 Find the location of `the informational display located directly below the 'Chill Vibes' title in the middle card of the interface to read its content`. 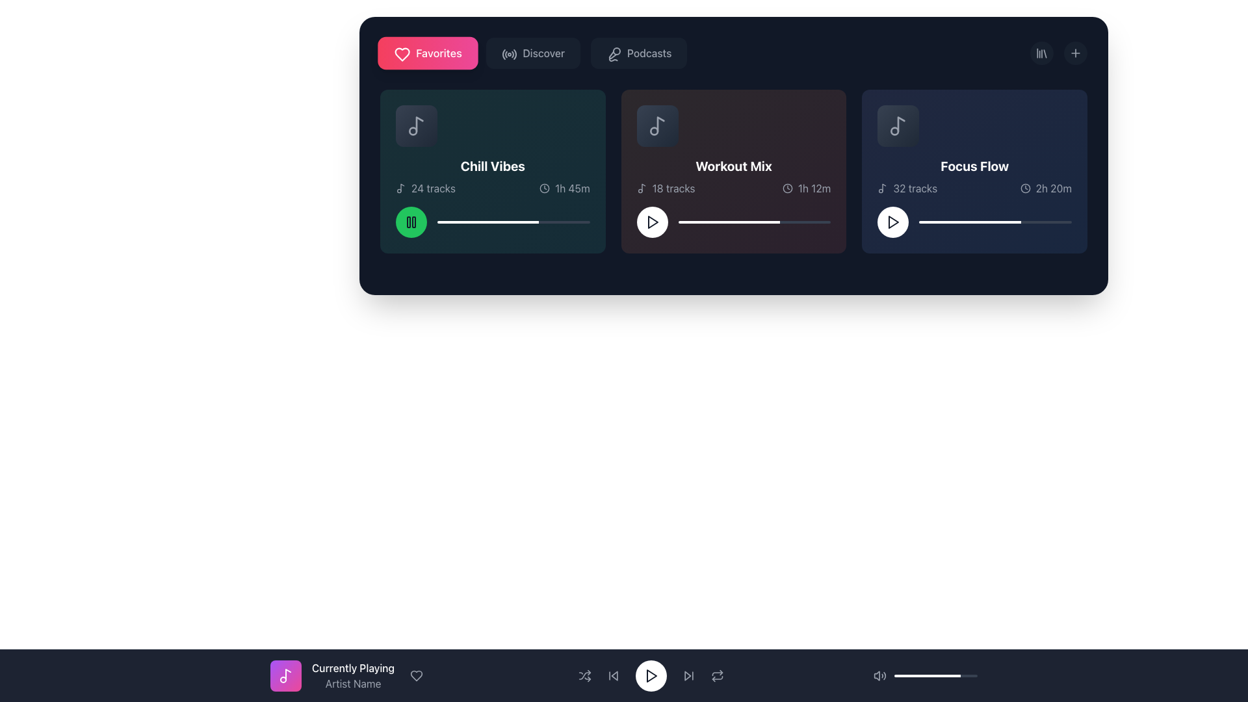

the informational display located directly below the 'Chill Vibes' title in the middle card of the interface to read its content is located at coordinates (492, 188).